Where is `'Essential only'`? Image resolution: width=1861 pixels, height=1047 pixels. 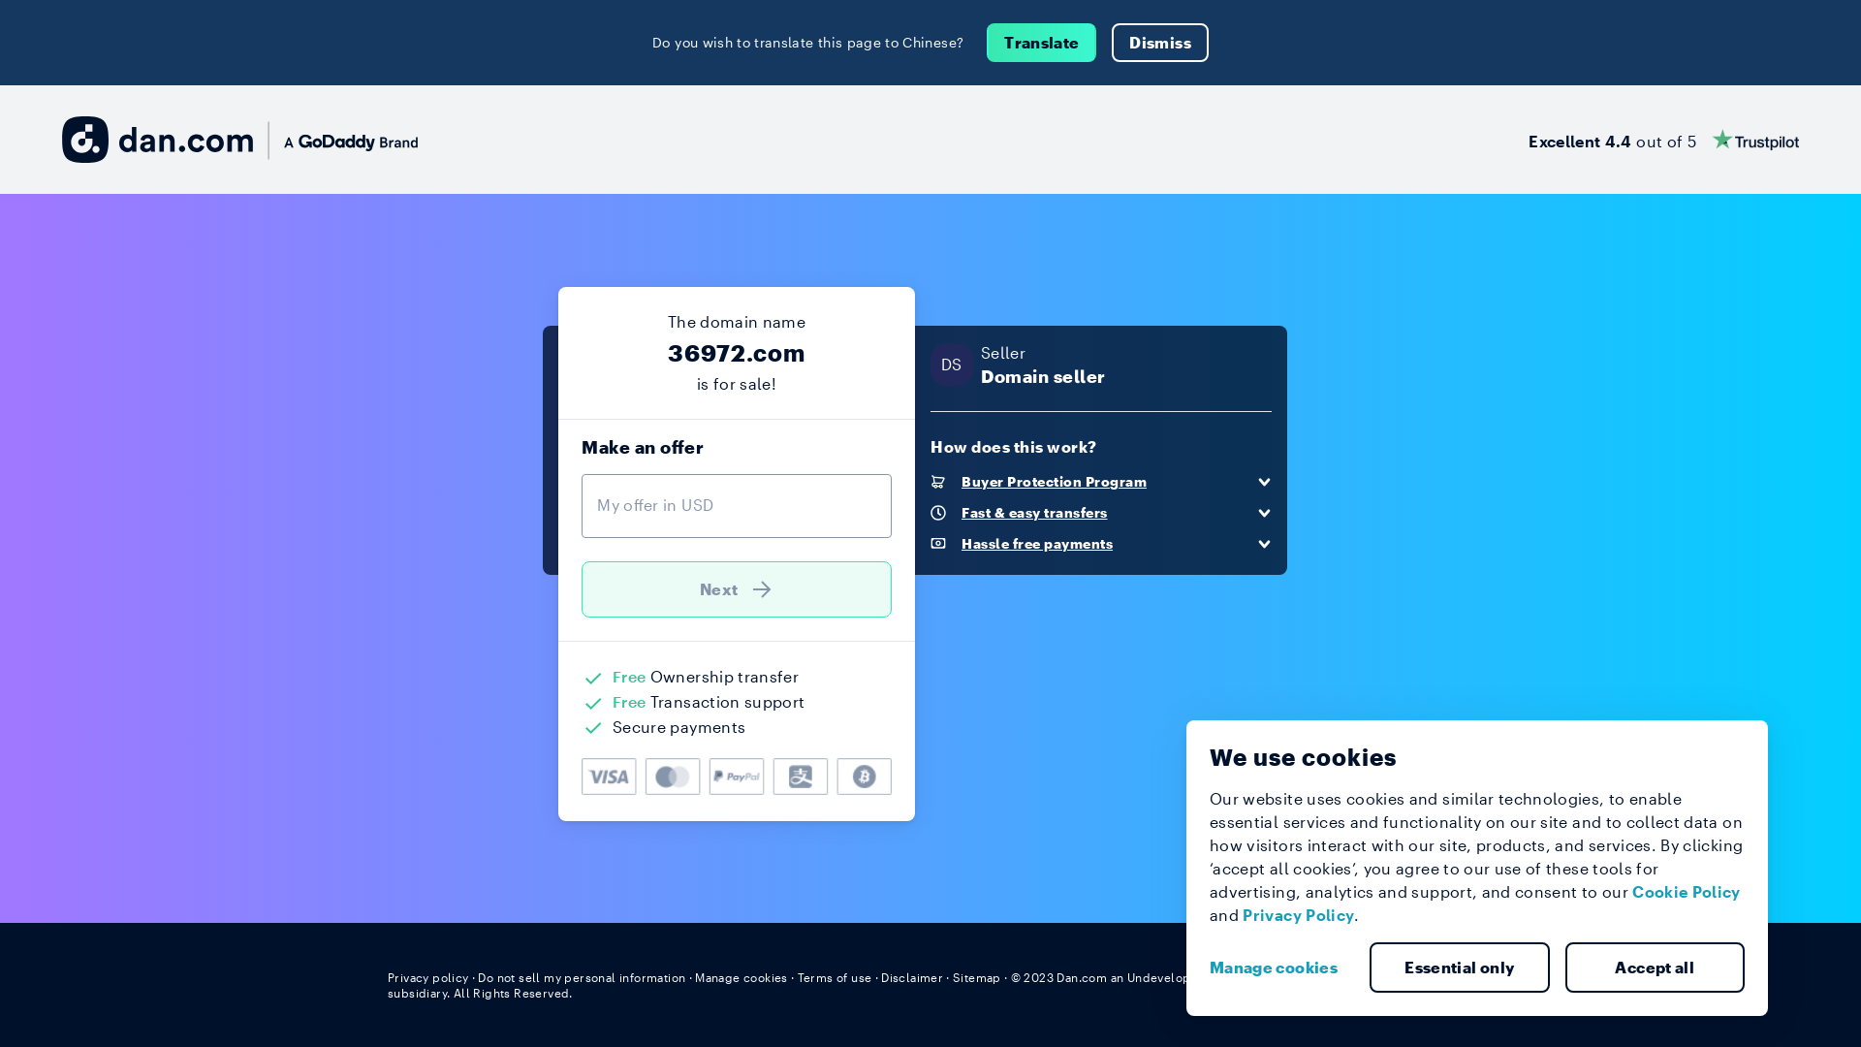
'Essential only' is located at coordinates (1460, 968).